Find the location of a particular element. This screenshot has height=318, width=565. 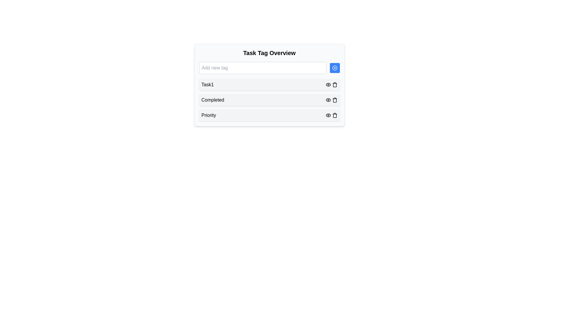

the toggle visibility button for the 'Completed' item, located is located at coordinates (328, 100).